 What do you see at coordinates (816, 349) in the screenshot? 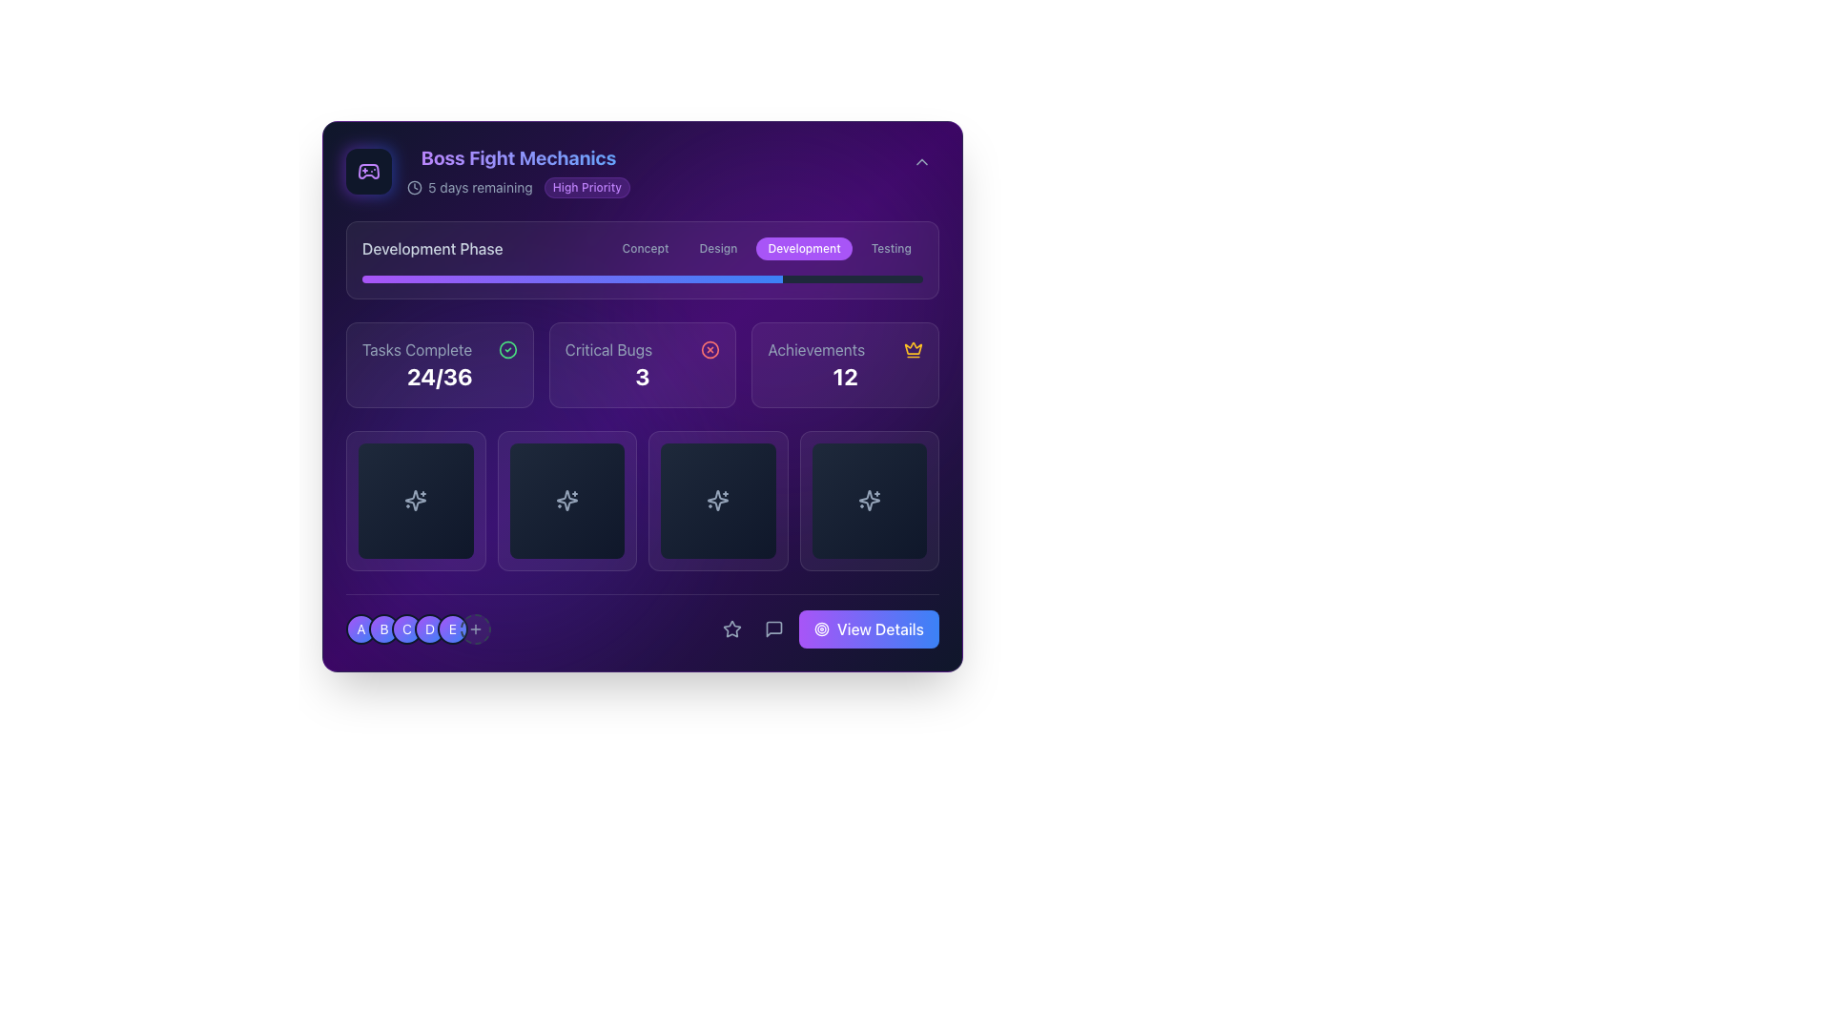
I see `the static text label displaying 'Achievements' in light gray on a dark purple background, located next to the number '12' and a crown icon` at bounding box center [816, 349].